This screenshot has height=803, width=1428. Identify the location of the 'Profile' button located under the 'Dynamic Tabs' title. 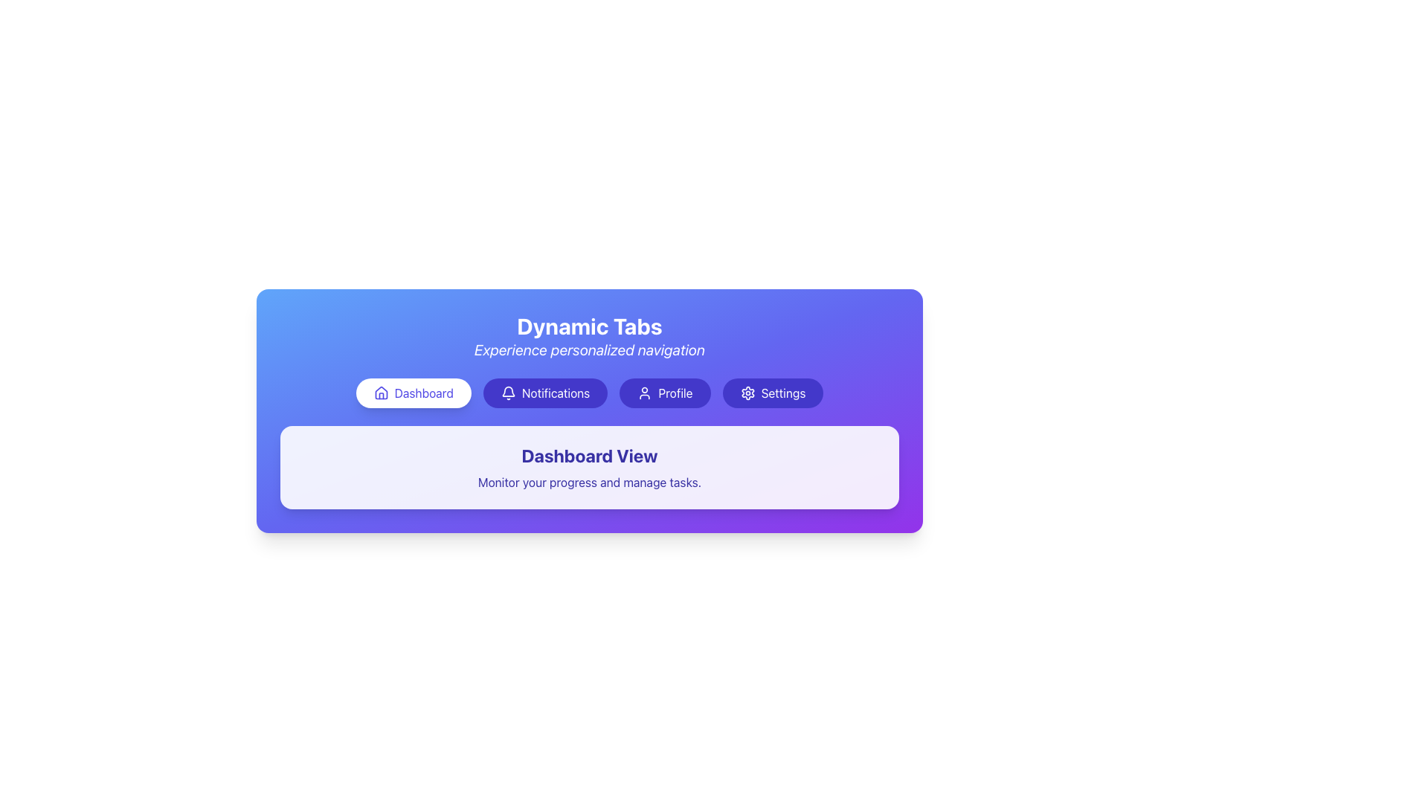
(664, 392).